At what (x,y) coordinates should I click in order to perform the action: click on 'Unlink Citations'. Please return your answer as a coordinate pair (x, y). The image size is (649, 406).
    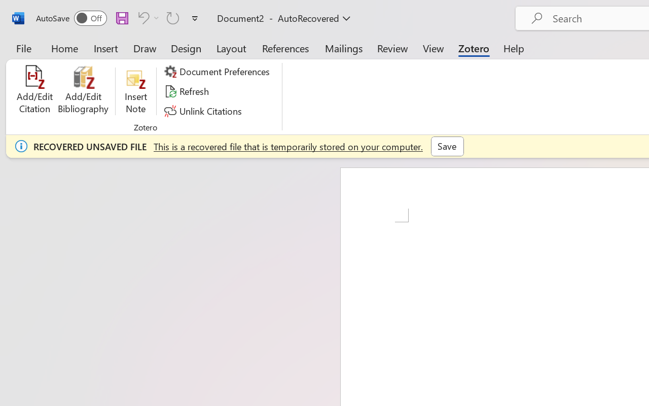
    Looking at the image, I should click on (204, 111).